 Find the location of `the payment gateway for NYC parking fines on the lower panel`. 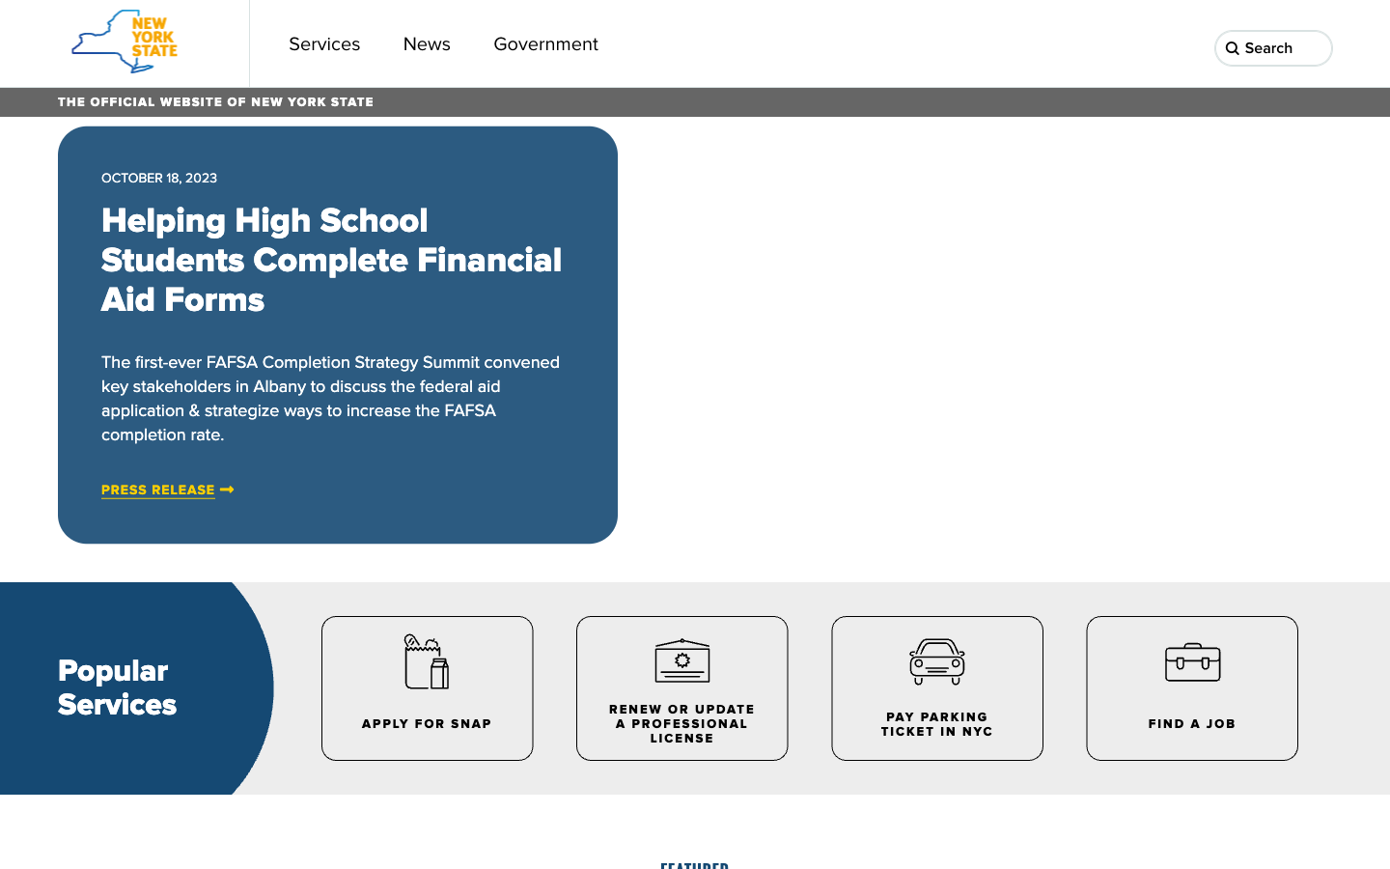

the payment gateway for NYC parking fines on the lower panel is located at coordinates (934, 687).